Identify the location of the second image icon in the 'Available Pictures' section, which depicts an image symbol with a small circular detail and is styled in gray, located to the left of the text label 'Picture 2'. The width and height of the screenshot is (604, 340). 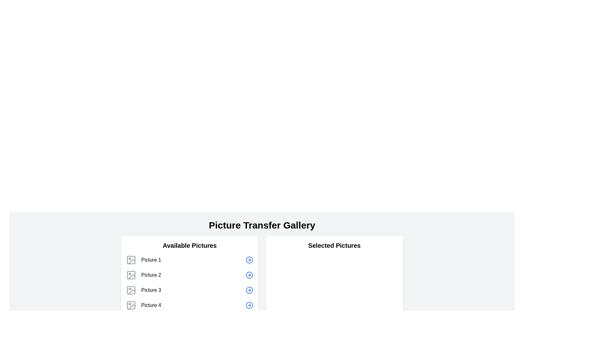
(131, 275).